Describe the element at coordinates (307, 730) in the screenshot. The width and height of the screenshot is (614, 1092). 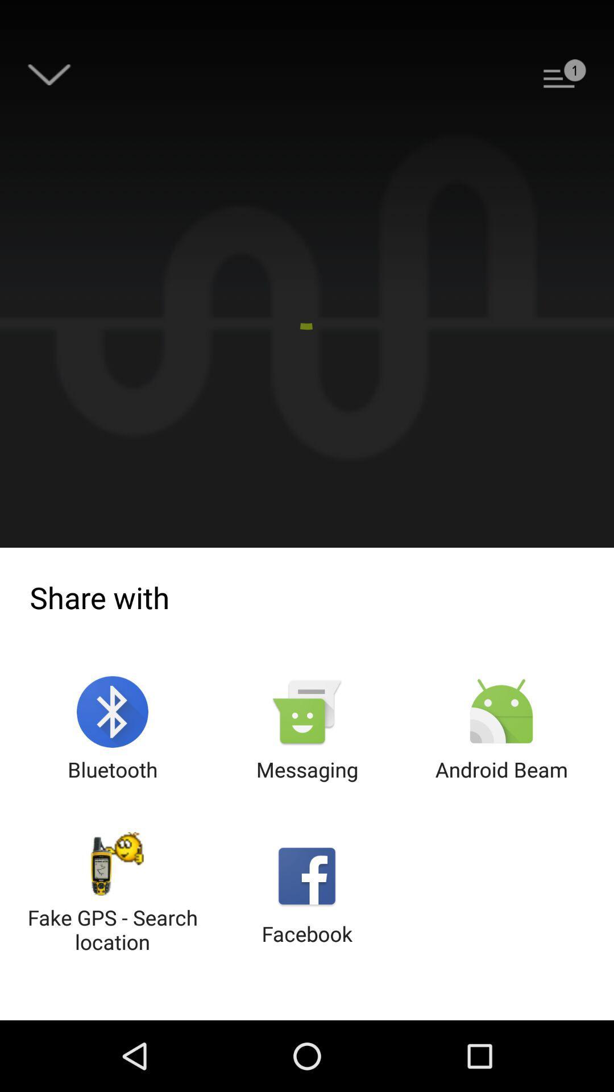
I see `the icon next to bluetooth item` at that location.